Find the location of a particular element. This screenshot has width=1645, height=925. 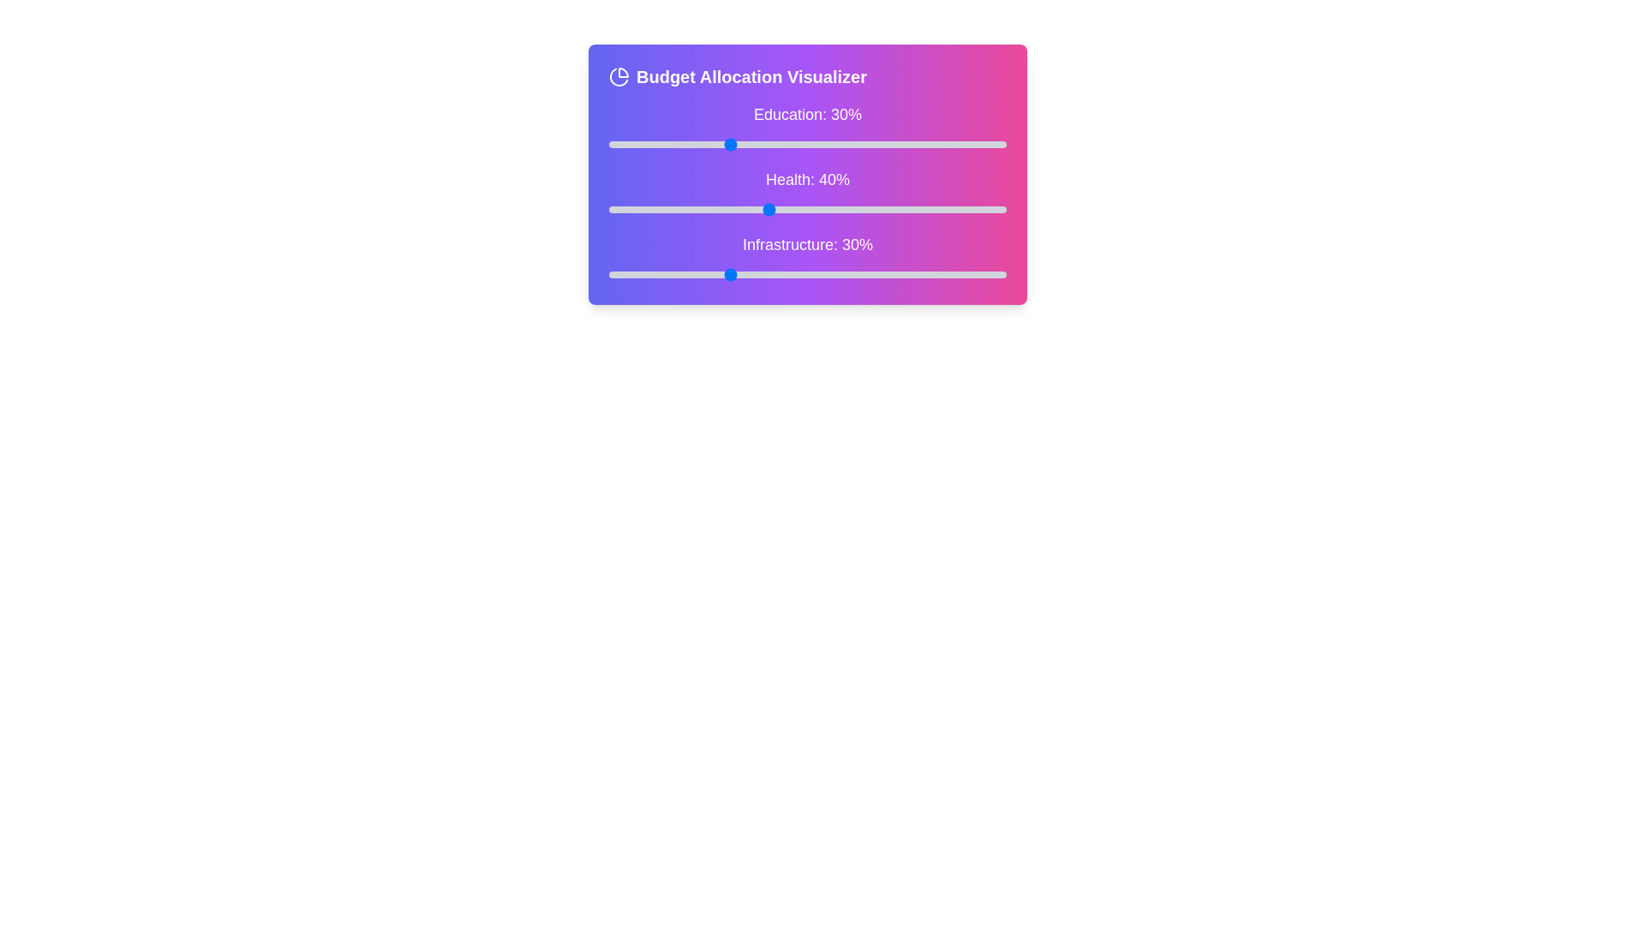

the Education budget is located at coordinates (902, 144).